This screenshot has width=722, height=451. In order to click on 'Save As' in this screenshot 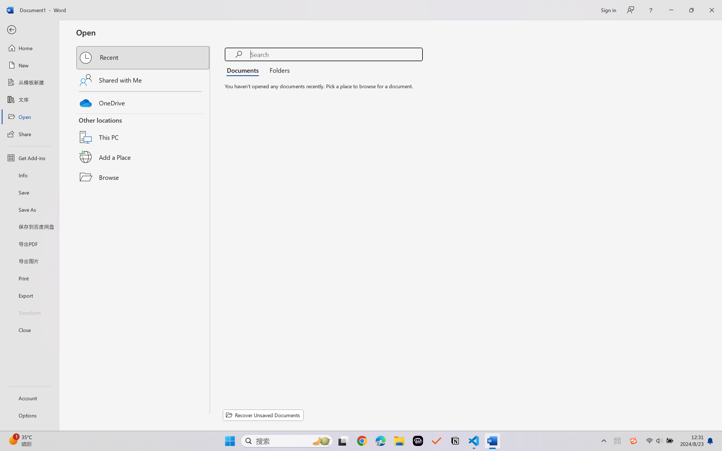, I will do `click(29, 209)`.